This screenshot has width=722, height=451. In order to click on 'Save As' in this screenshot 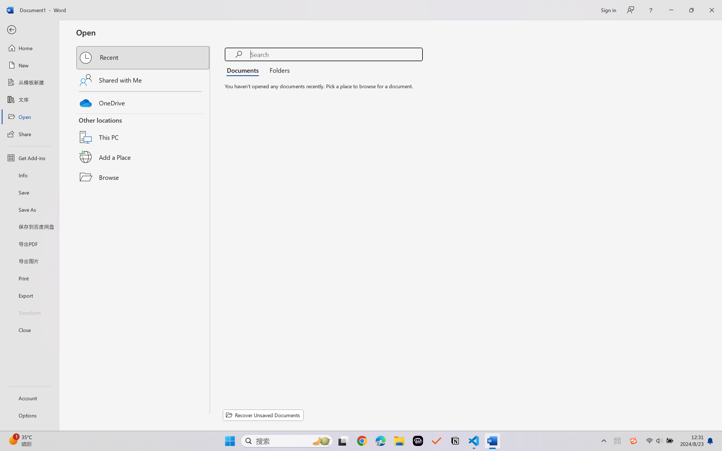, I will do `click(29, 209)`.